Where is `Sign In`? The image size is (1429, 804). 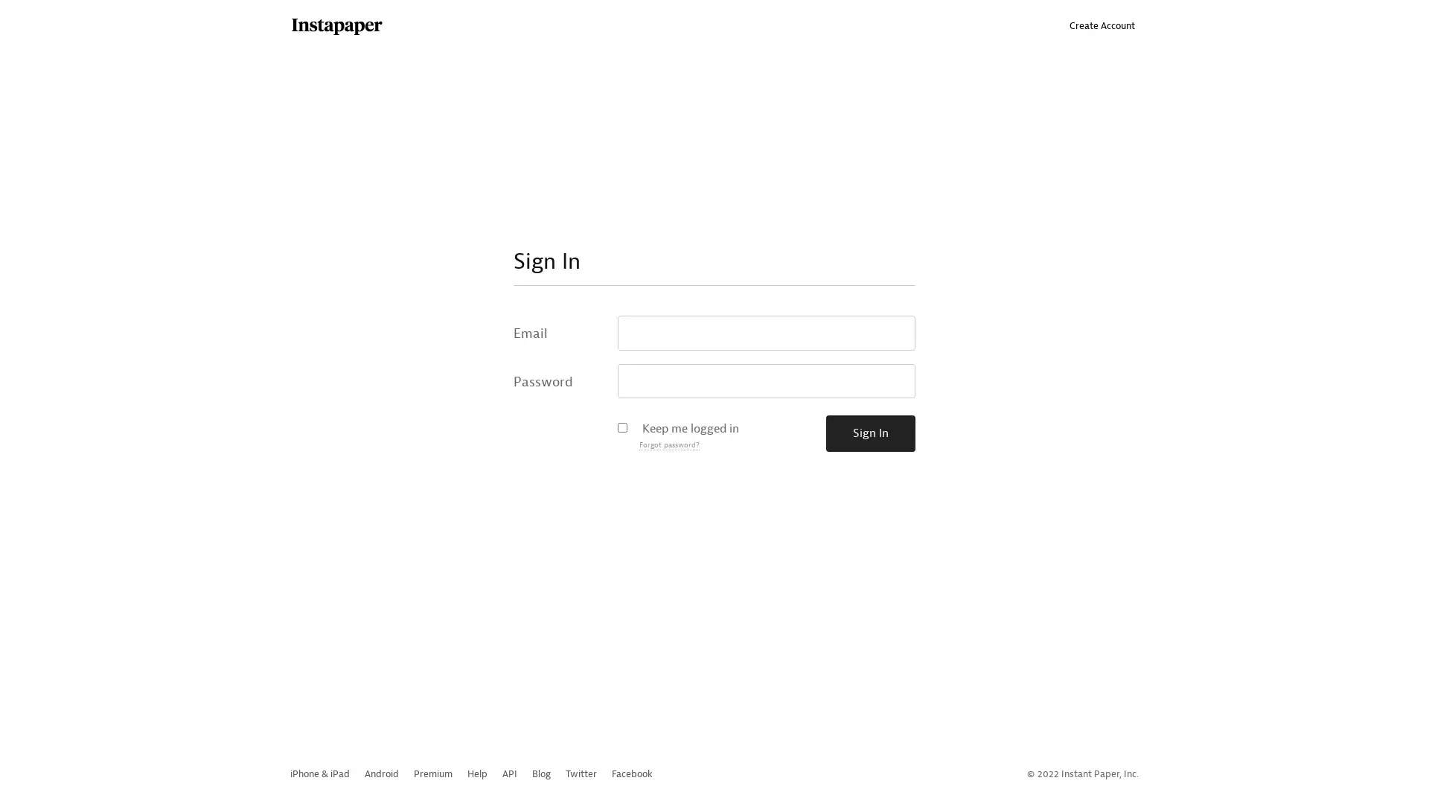 Sign In is located at coordinates (871, 433).